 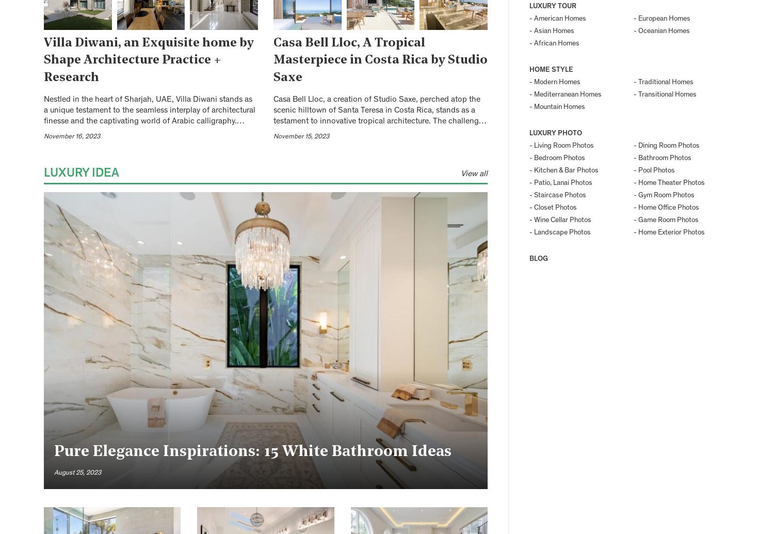 What do you see at coordinates (529, 258) in the screenshot?
I see `'BLOG'` at bounding box center [529, 258].